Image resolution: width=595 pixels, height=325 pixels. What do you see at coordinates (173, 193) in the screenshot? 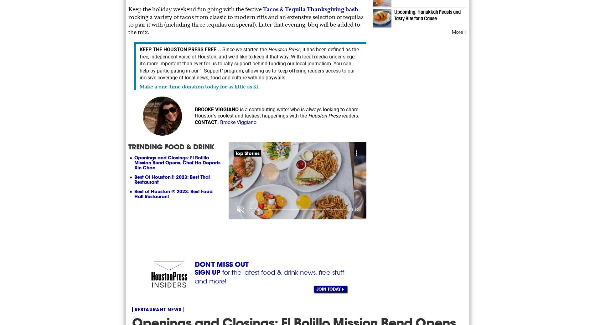
I see `'Best of Houston ® 2023: Best Food Hall Restaurant'` at bounding box center [173, 193].